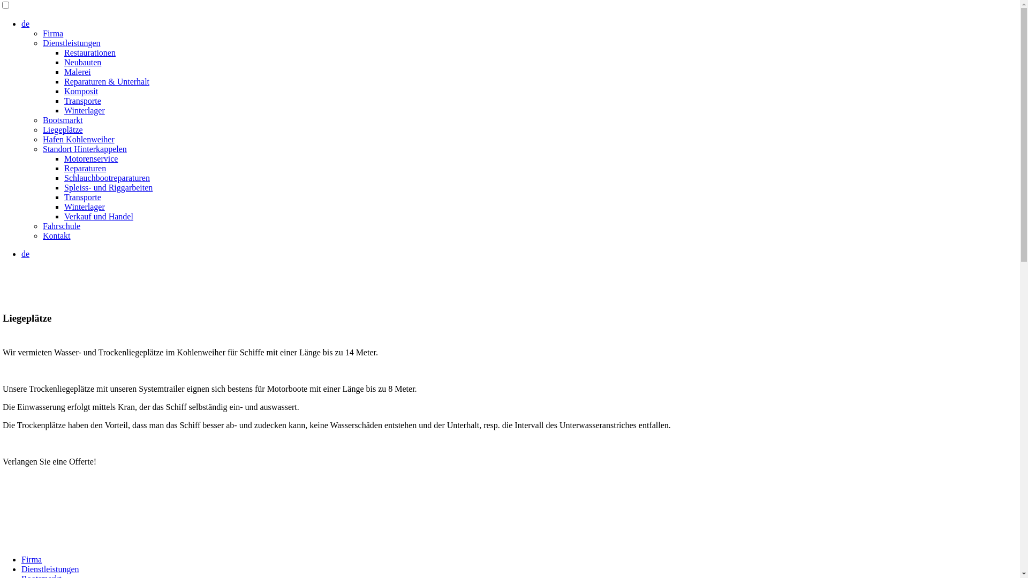 This screenshot has width=1028, height=578. Describe the element at coordinates (78, 139) in the screenshot. I see `'Hafen Kohlenweiher'` at that location.